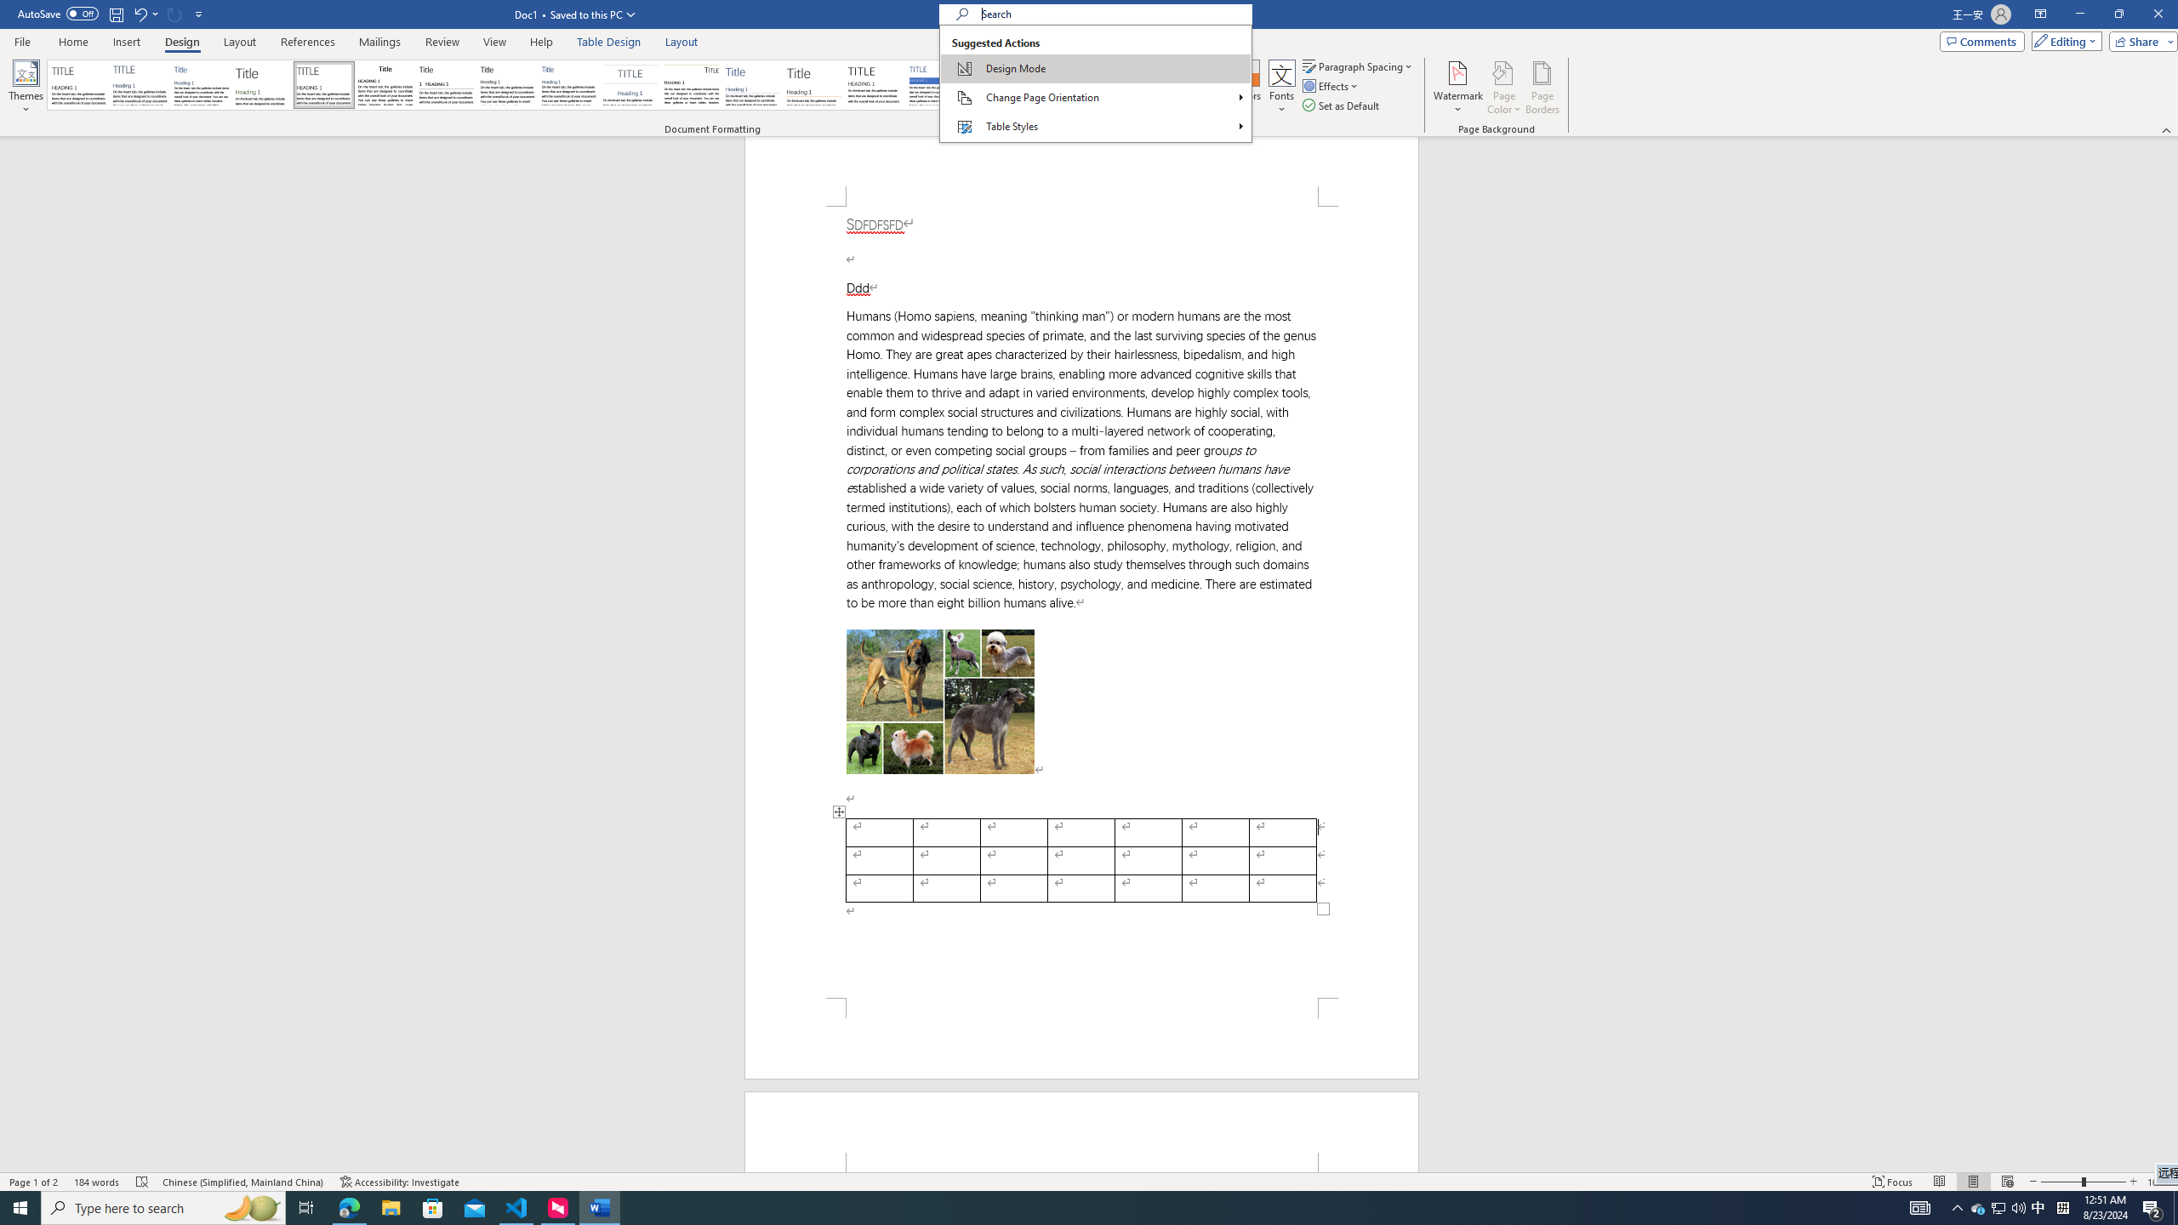 The image size is (2178, 1225). Describe the element at coordinates (174, 13) in the screenshot. I see `'Can'` at that location.